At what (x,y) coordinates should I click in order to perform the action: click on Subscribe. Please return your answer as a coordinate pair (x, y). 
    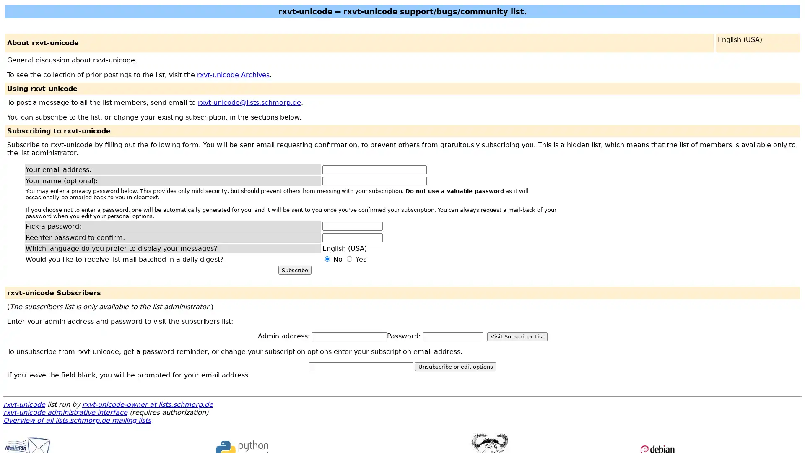
    Looking at the image, I should click on (294, 270).